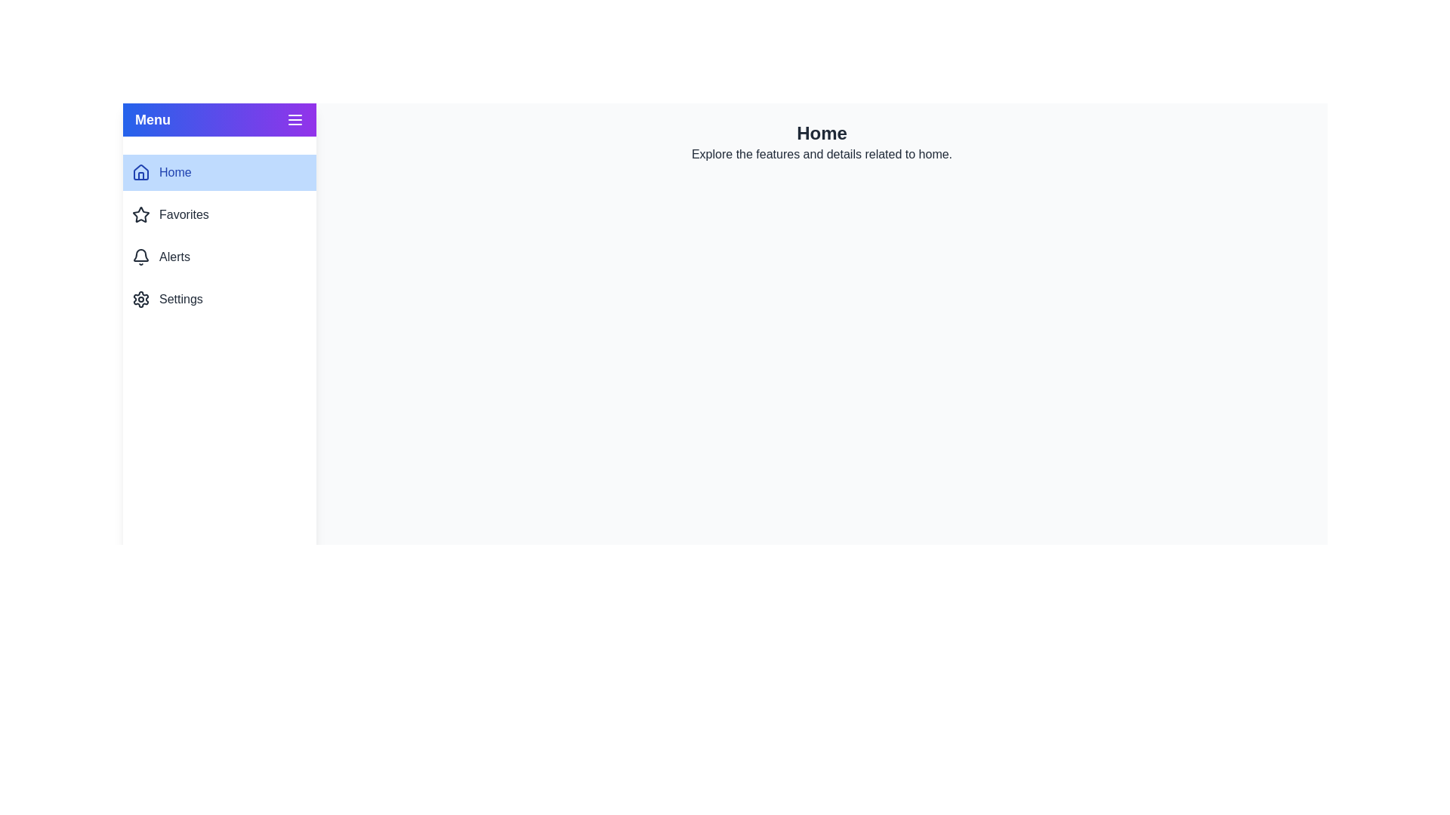 The image size is (1450, 815). Describe the element at coordinates (141, 256) in the screenshot. I see `the bell-shaped icon in the navigation sidebar menu` at that location.